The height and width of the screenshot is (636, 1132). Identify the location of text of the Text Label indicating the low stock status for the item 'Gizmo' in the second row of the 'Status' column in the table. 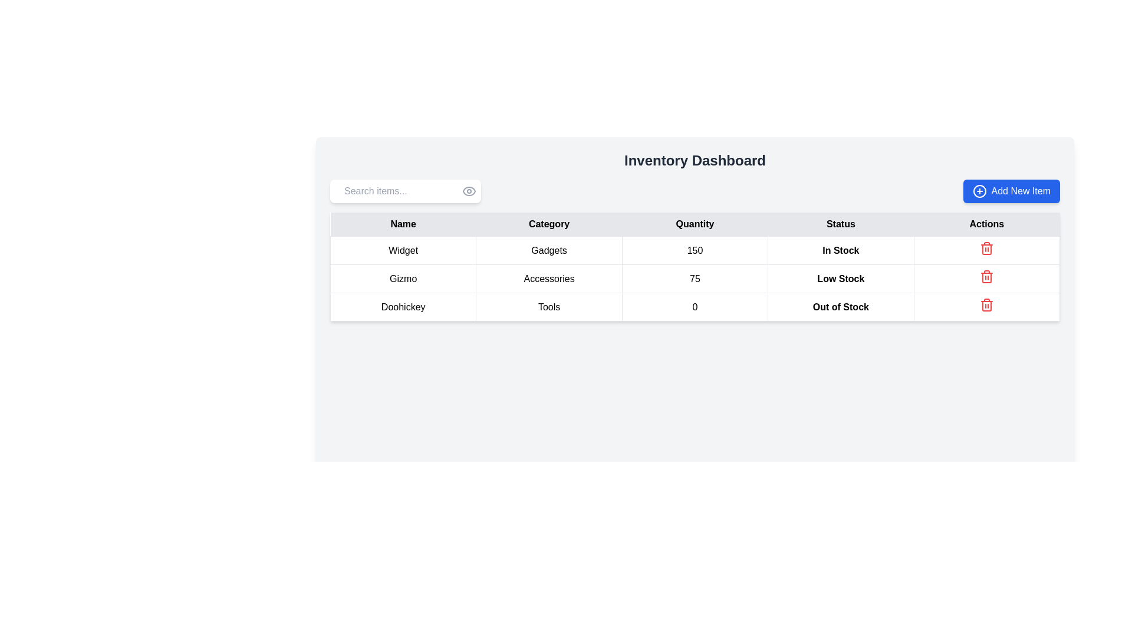
(840, 279).